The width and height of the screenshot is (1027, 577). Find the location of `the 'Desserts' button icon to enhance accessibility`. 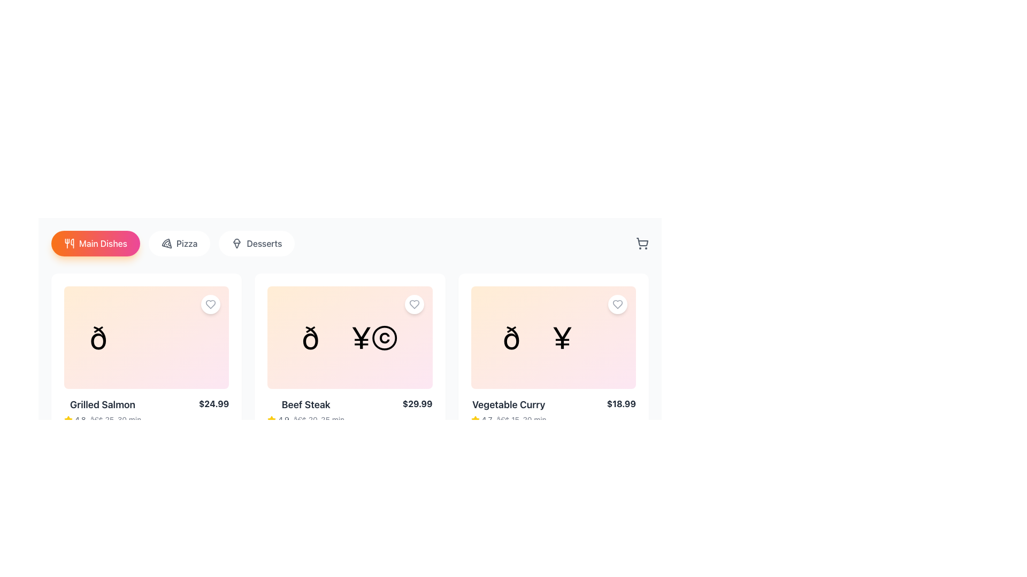

the 'Desserts' button icon to enhance accessibility is located at coordinates (236, 243).